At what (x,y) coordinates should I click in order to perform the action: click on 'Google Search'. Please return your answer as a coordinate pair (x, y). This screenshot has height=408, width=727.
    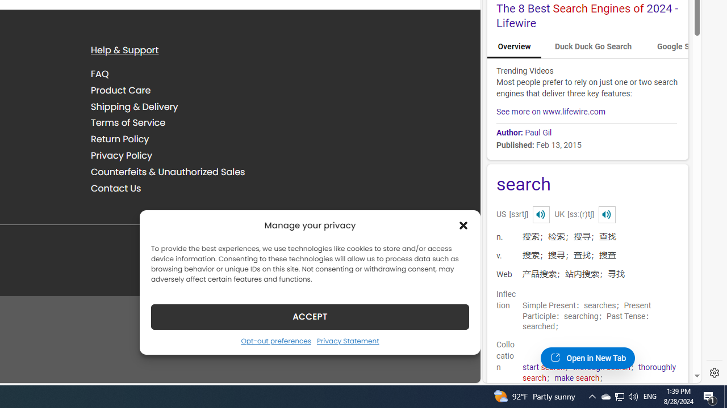
    Looking at the image, I should click on (683, 46).